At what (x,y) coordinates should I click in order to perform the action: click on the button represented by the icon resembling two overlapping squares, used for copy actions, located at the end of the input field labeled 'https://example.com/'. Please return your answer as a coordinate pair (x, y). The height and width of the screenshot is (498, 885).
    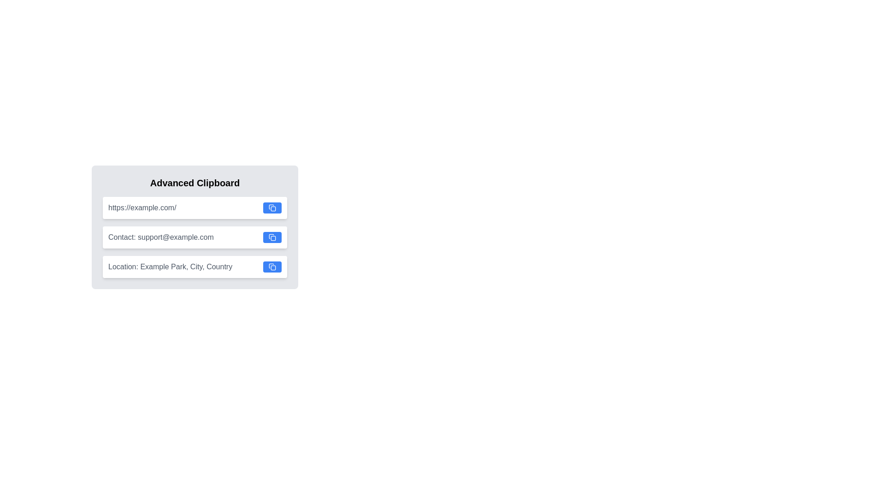
    Looking at the image, I should click on (271, 208).